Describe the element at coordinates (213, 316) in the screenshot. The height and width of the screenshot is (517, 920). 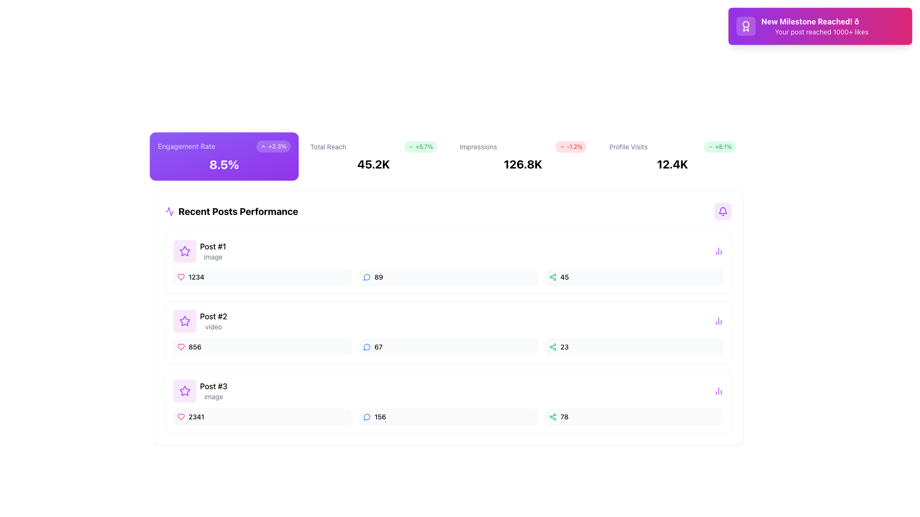
I see `text from the title label located in the 'Recent Posts Performance' section, which is aligned left in the second row entry` at that location.